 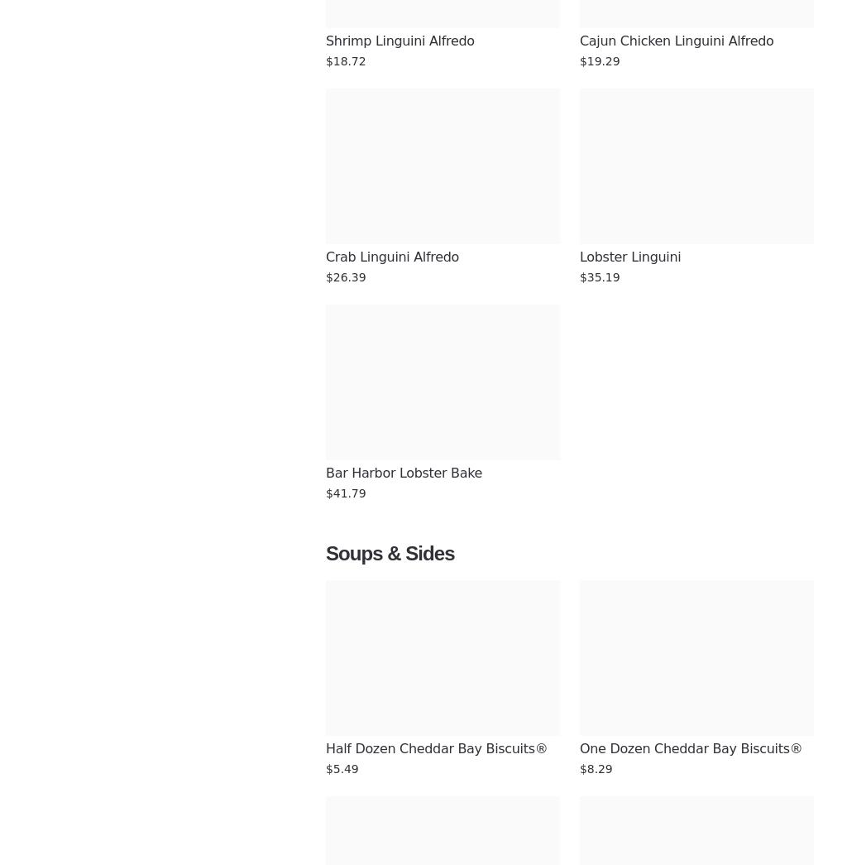 What do you see at coordinates (599, 277) in the screenshot?
I see `'$35.19'` at bounding box center [599, 277].